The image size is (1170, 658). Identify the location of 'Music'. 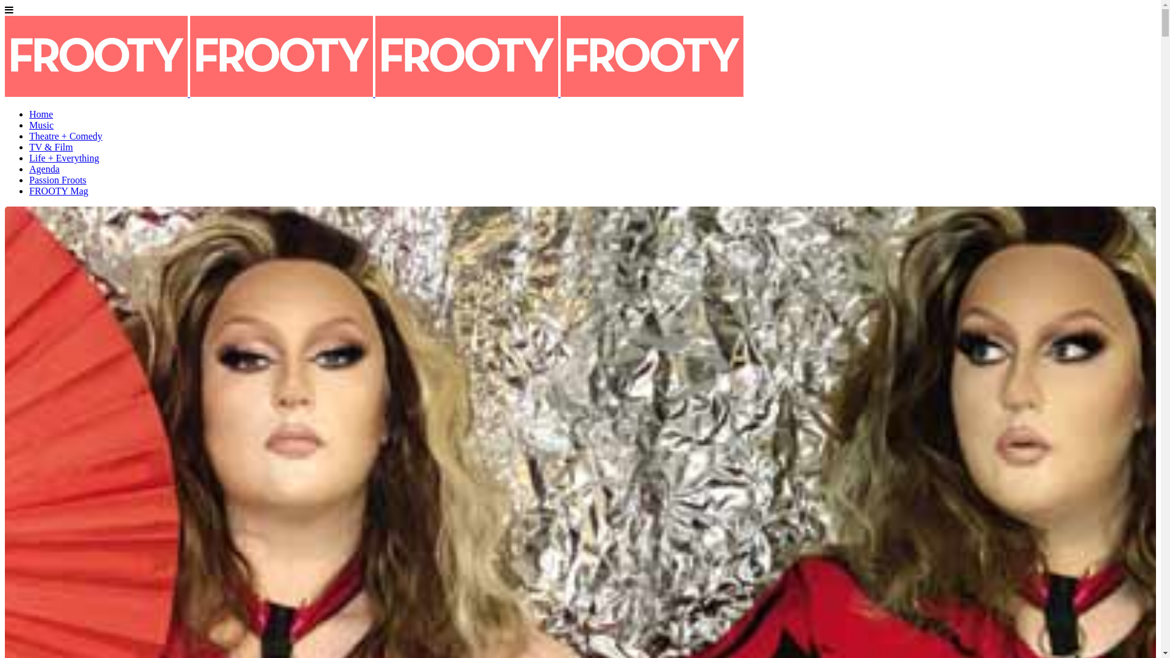
(41, 125).